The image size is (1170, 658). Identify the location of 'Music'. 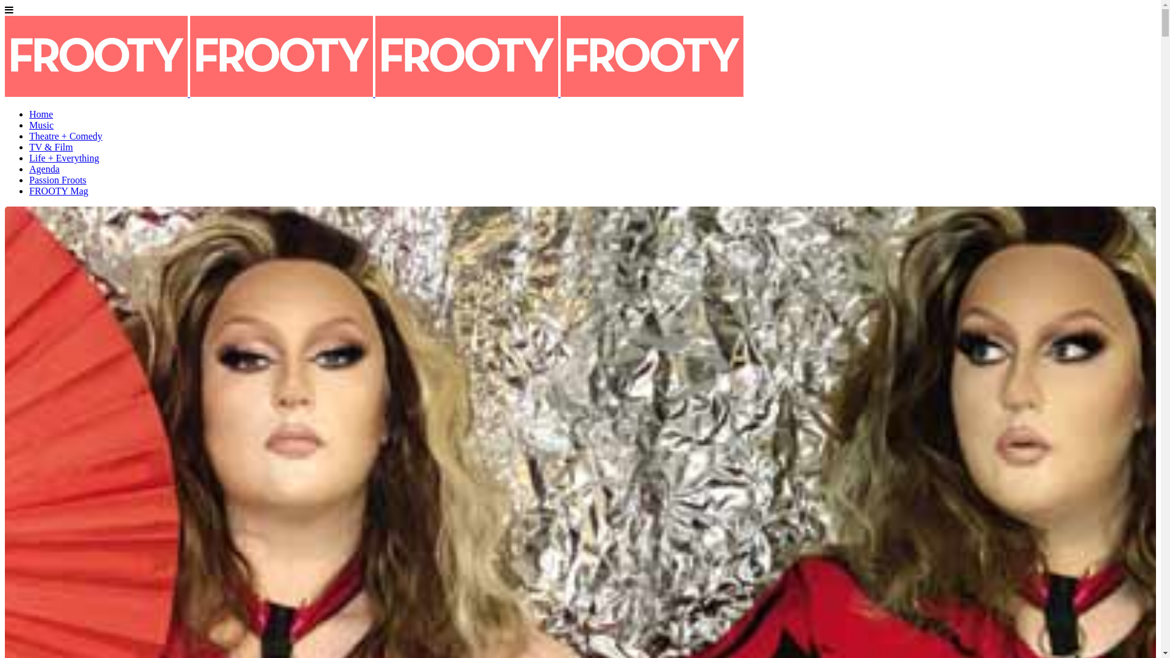
(41, 125).